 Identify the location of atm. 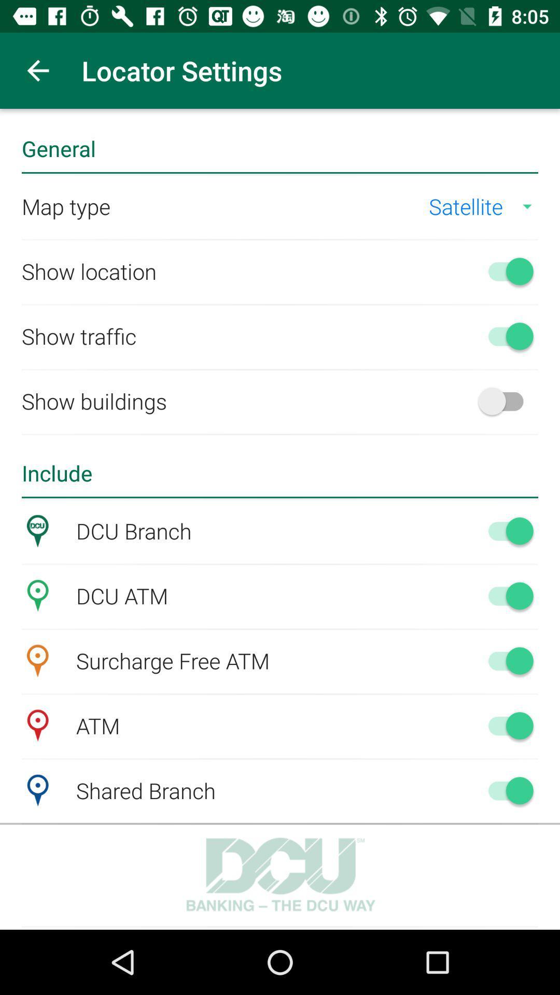
(505, 725).